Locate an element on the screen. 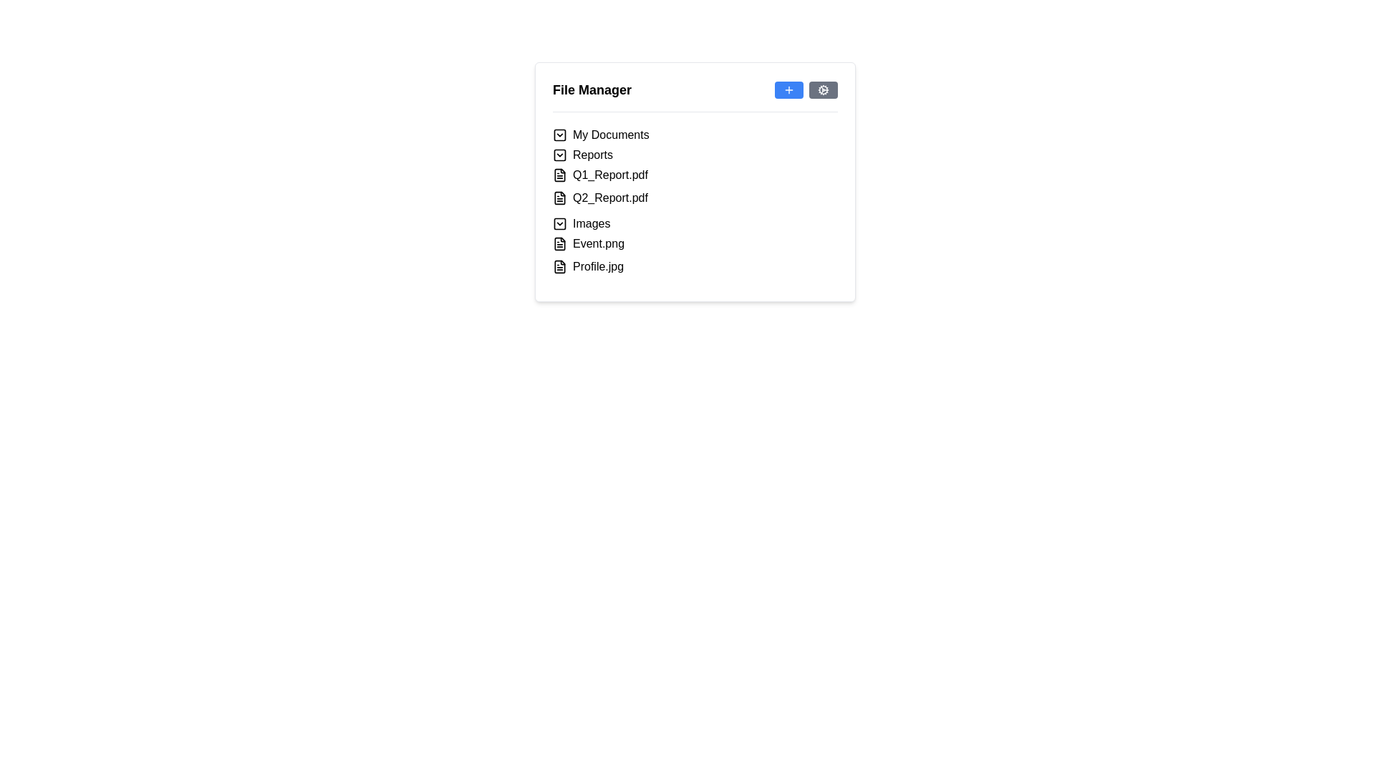  the file icon representing 'Event.png' in the file list, which serves as a visual indicator for the specific file type is located at coordinates (559, 243).